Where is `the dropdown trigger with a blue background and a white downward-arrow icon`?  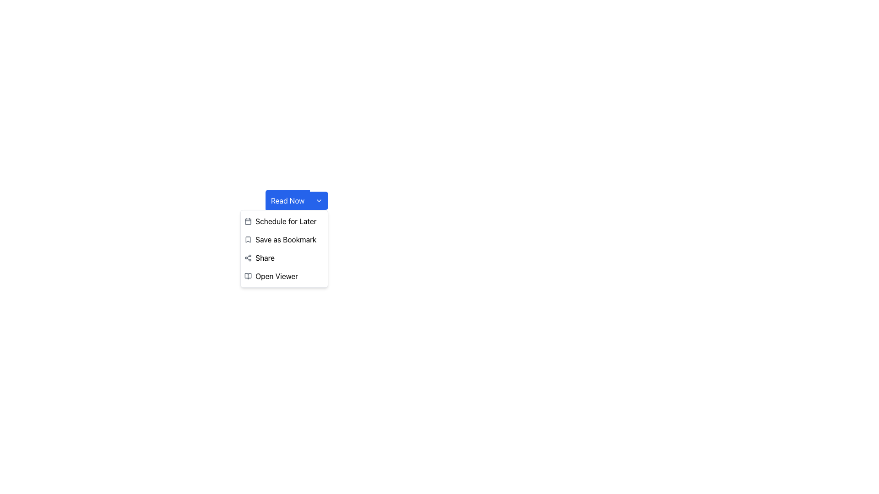 the dropdown trigger with a blue background and a white downward-arrow icon is located at coordinates (319, 200).